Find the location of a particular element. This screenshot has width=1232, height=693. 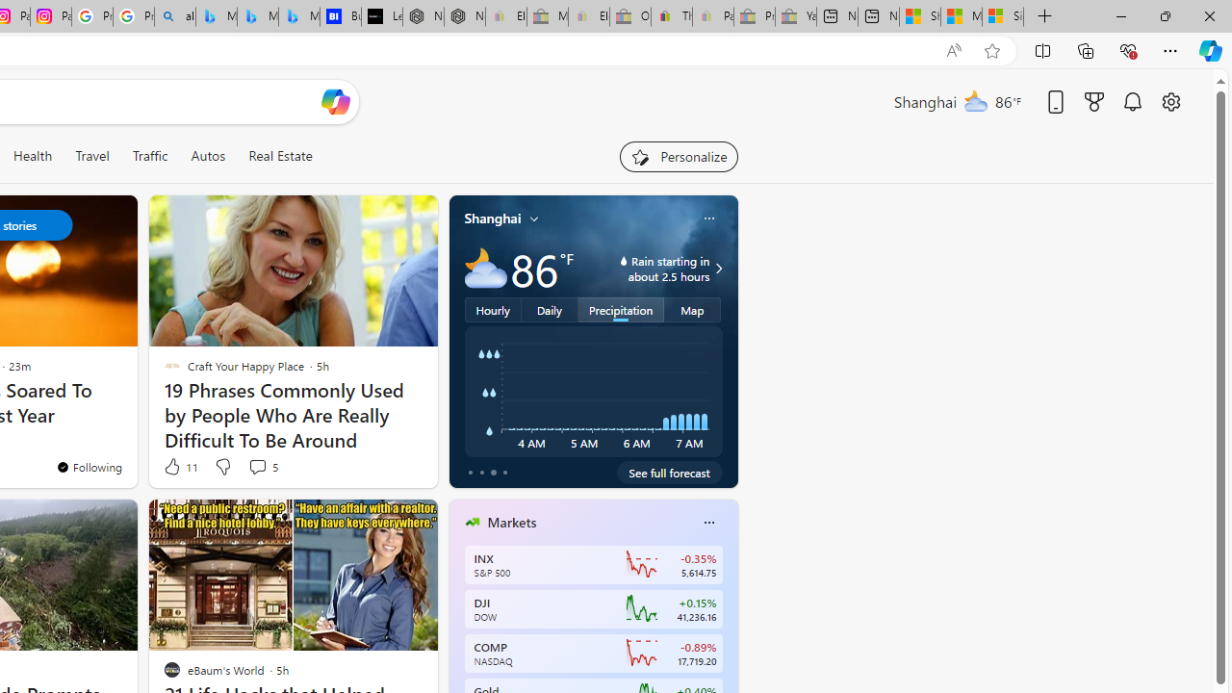

'Yard, Garden & Outdoor Living - Sleeping' is located at coordinates (796, 16).